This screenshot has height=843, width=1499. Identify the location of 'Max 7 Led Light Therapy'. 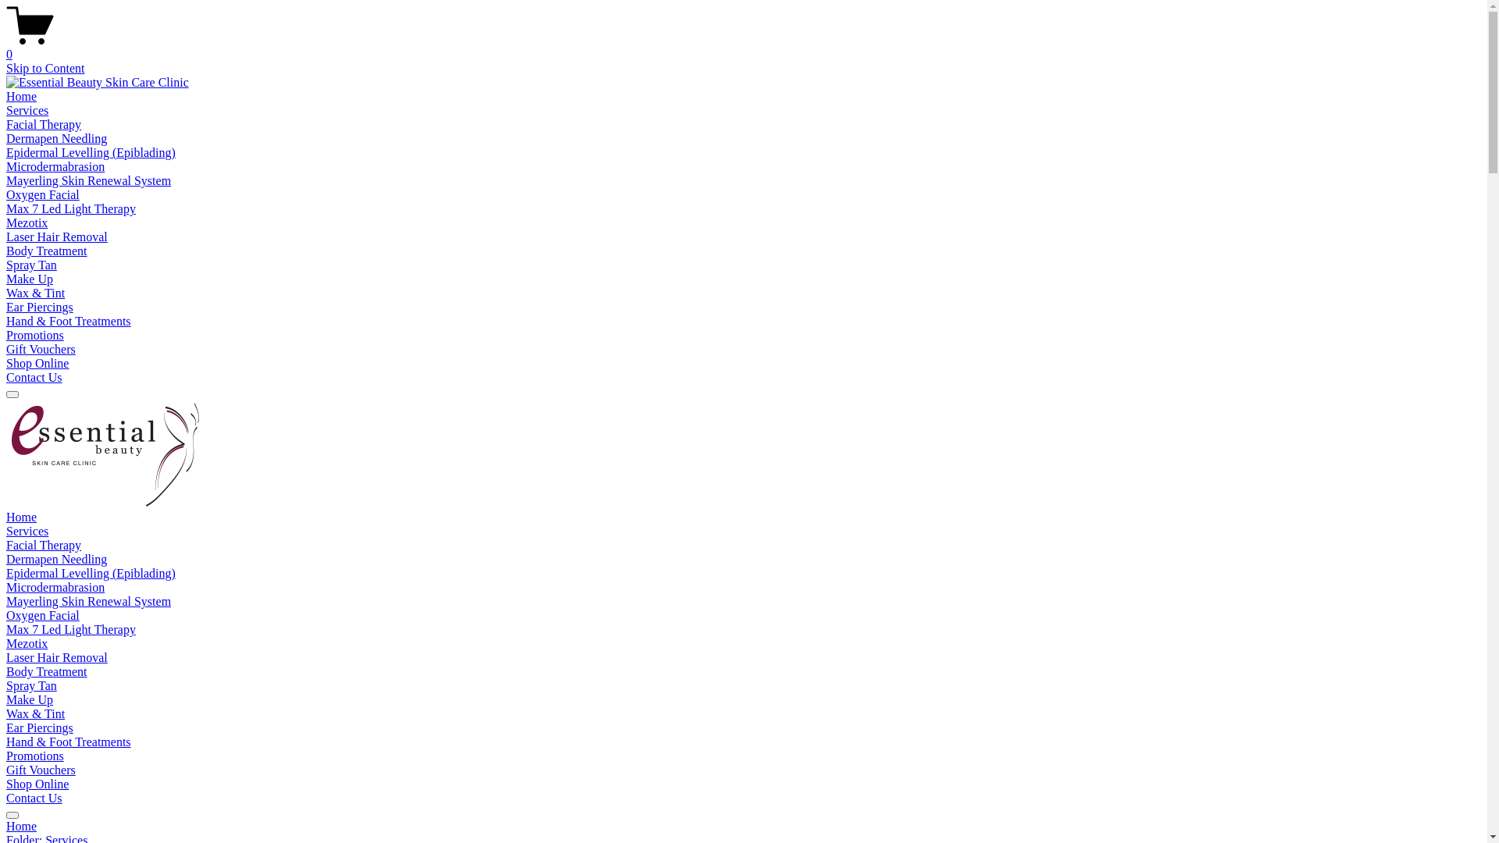
(70, 628).